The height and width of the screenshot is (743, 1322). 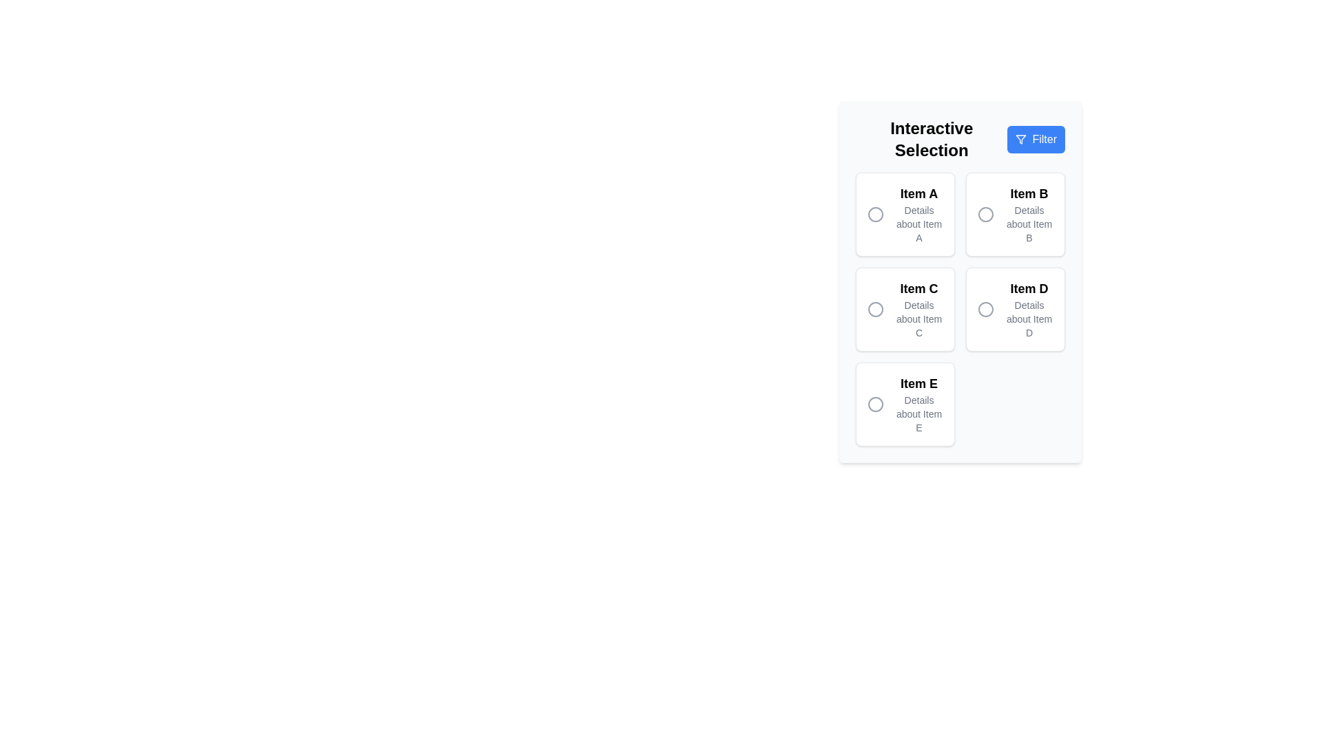 What do you see at coordinates (919, 224) in the screenshot?
I see `the static text displaying 'Details about Item A' which is located directly beneath the title 'Item A' in a small, gray-colored font` at bounding box center [919, 224].